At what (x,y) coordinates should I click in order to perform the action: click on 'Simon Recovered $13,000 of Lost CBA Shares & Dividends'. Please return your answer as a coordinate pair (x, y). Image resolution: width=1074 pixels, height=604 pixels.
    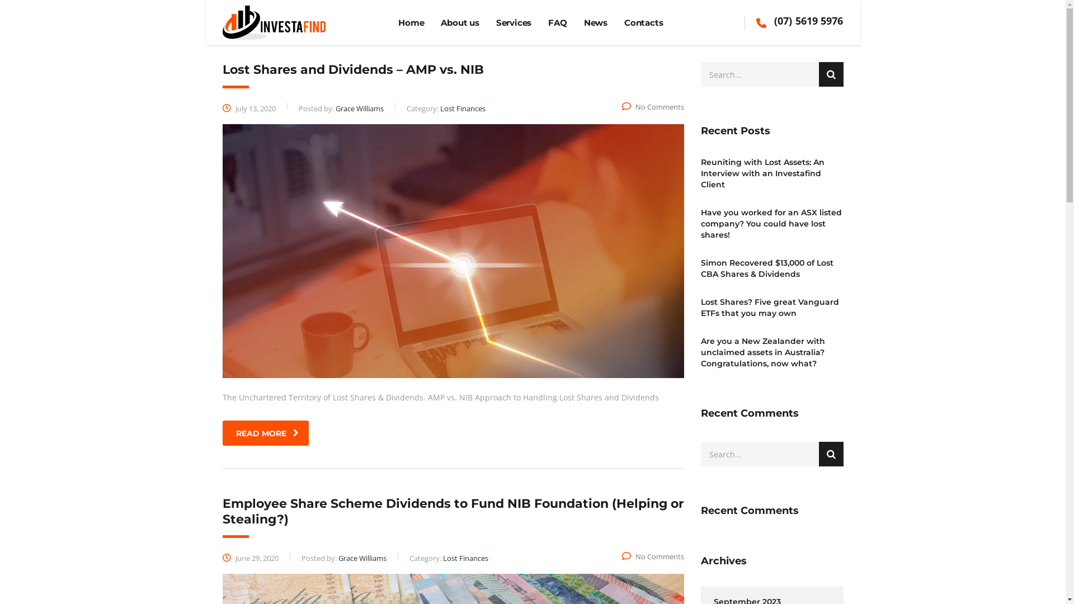
    Looking at the image, I should click on (771, 268).